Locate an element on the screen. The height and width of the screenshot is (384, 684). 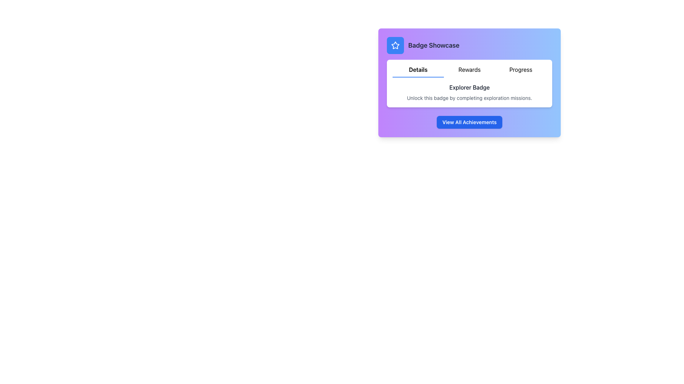
the badge icon in the 'Badge Showcase' feature, which is located at the top left corner of the 'Badge Showcase' card, next to the text 'Badge Showcase' is located at coordinates (395, 45).